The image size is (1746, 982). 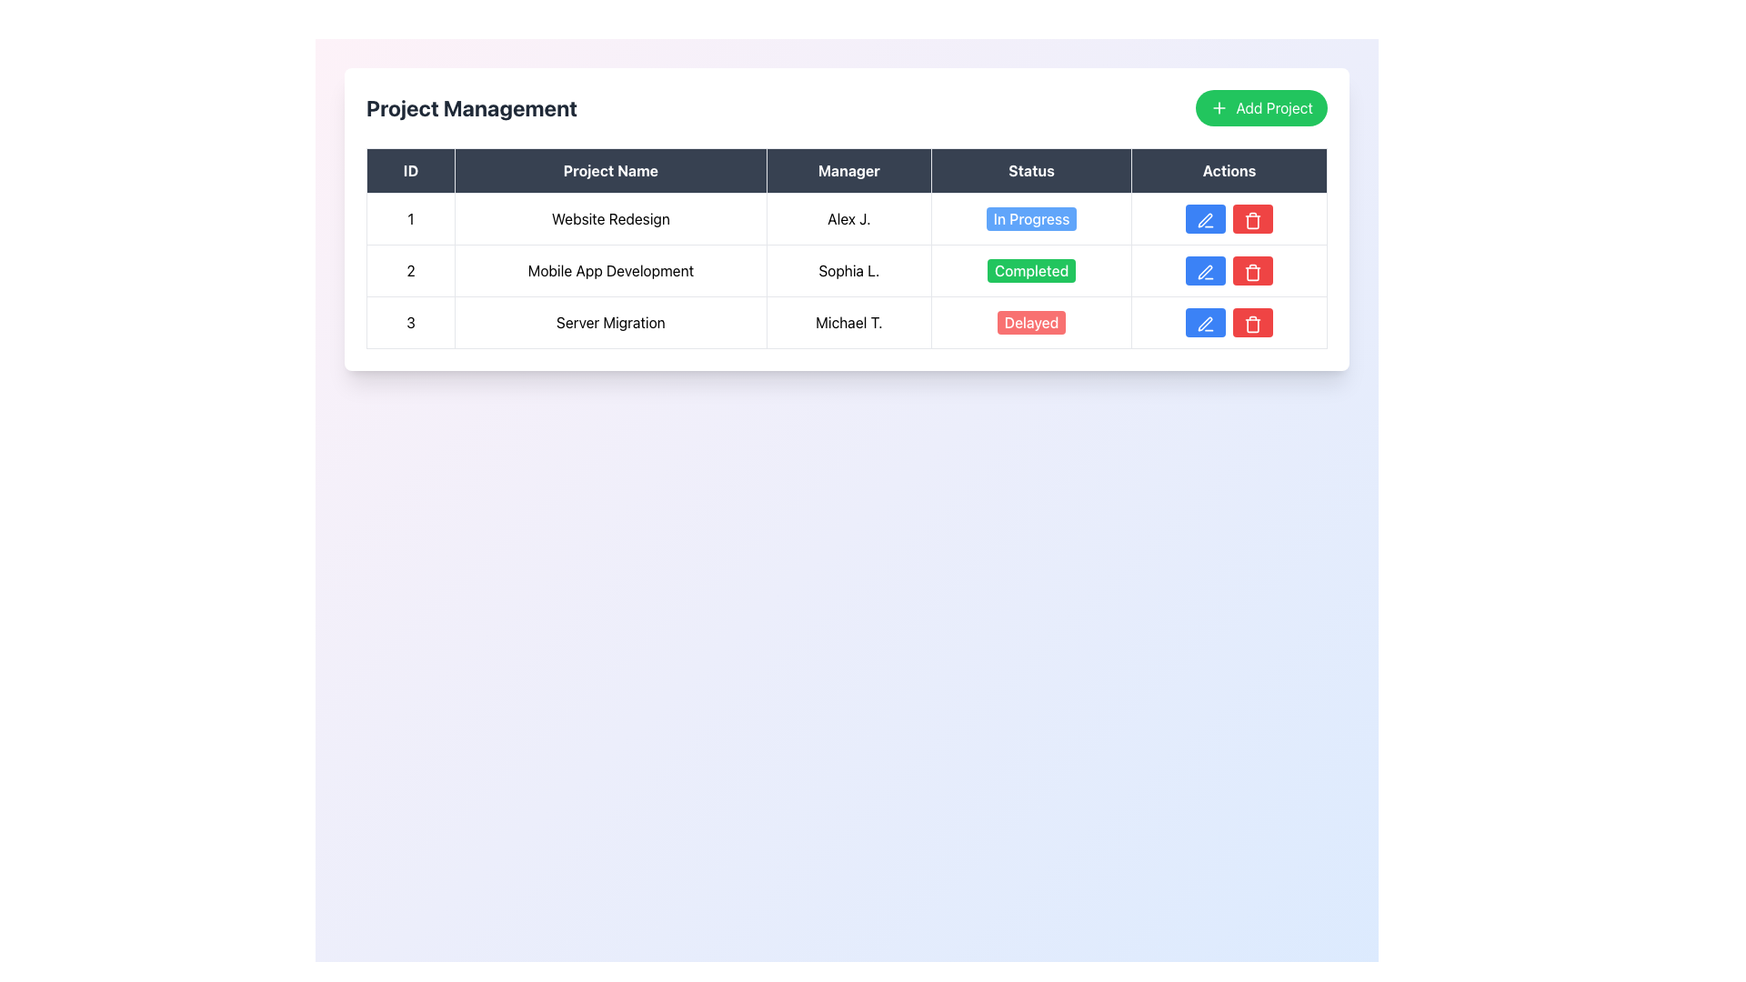 What do you see at coordinates (846, 321) in the screenshot?
I see `the third row of the project management table which contains the project 'Server Migration' managed by 'Michael T.' with a status 'Delayed'` at bounding box center [846, 321].